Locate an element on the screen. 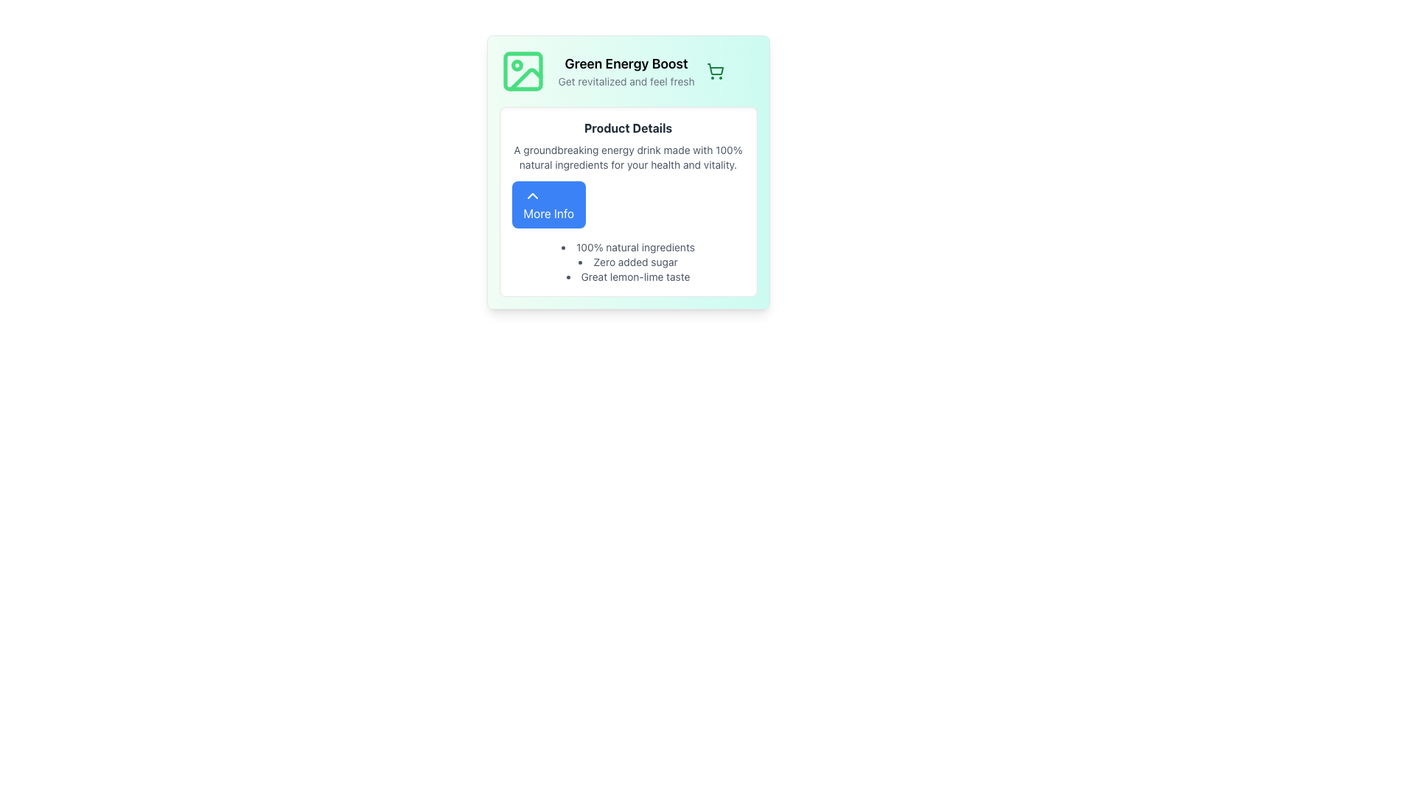 The width and height of the screenshot is (1415, 796). the icon representing 'Green Energy Boost', located at the top-left corner of the card adjacent to the title and subtitle text is located at coordinates (523, 71).